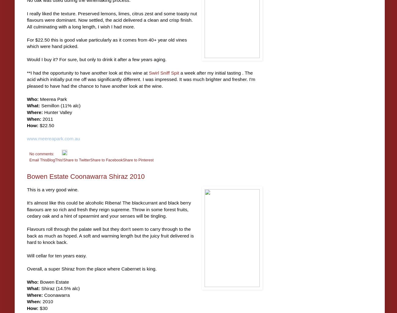  What do you see at coordinates (106, 160) in the screenshot?
I see `'Share to Facebook'` at bounding box center [106, 160].